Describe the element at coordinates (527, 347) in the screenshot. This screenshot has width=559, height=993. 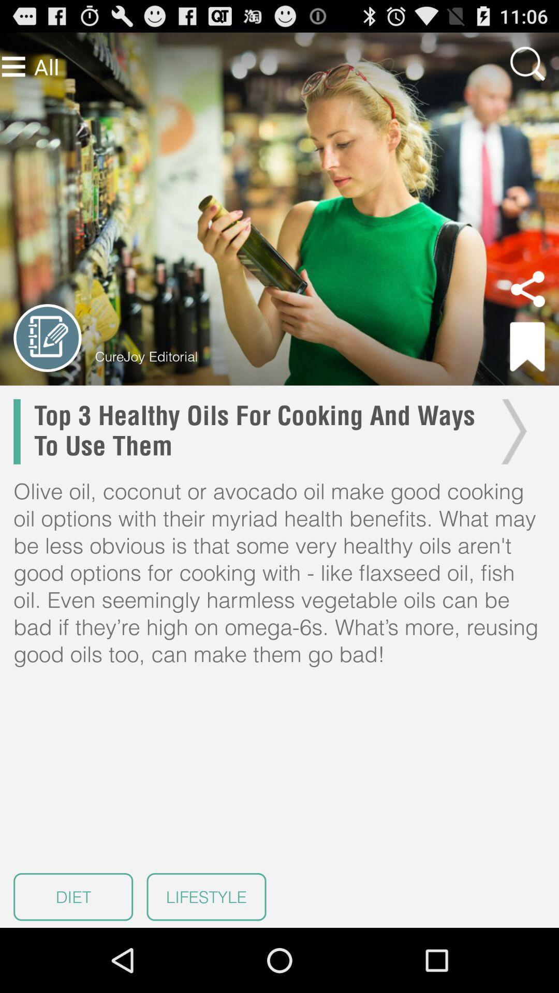
I see `bookmark link` at that location.